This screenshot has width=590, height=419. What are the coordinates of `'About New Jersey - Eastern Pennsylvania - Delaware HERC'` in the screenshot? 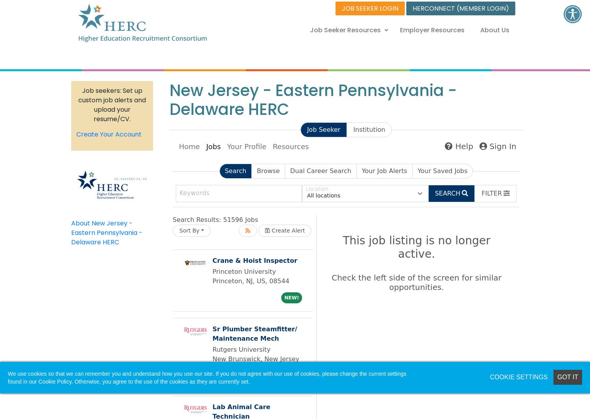 It's located at (107, 232).